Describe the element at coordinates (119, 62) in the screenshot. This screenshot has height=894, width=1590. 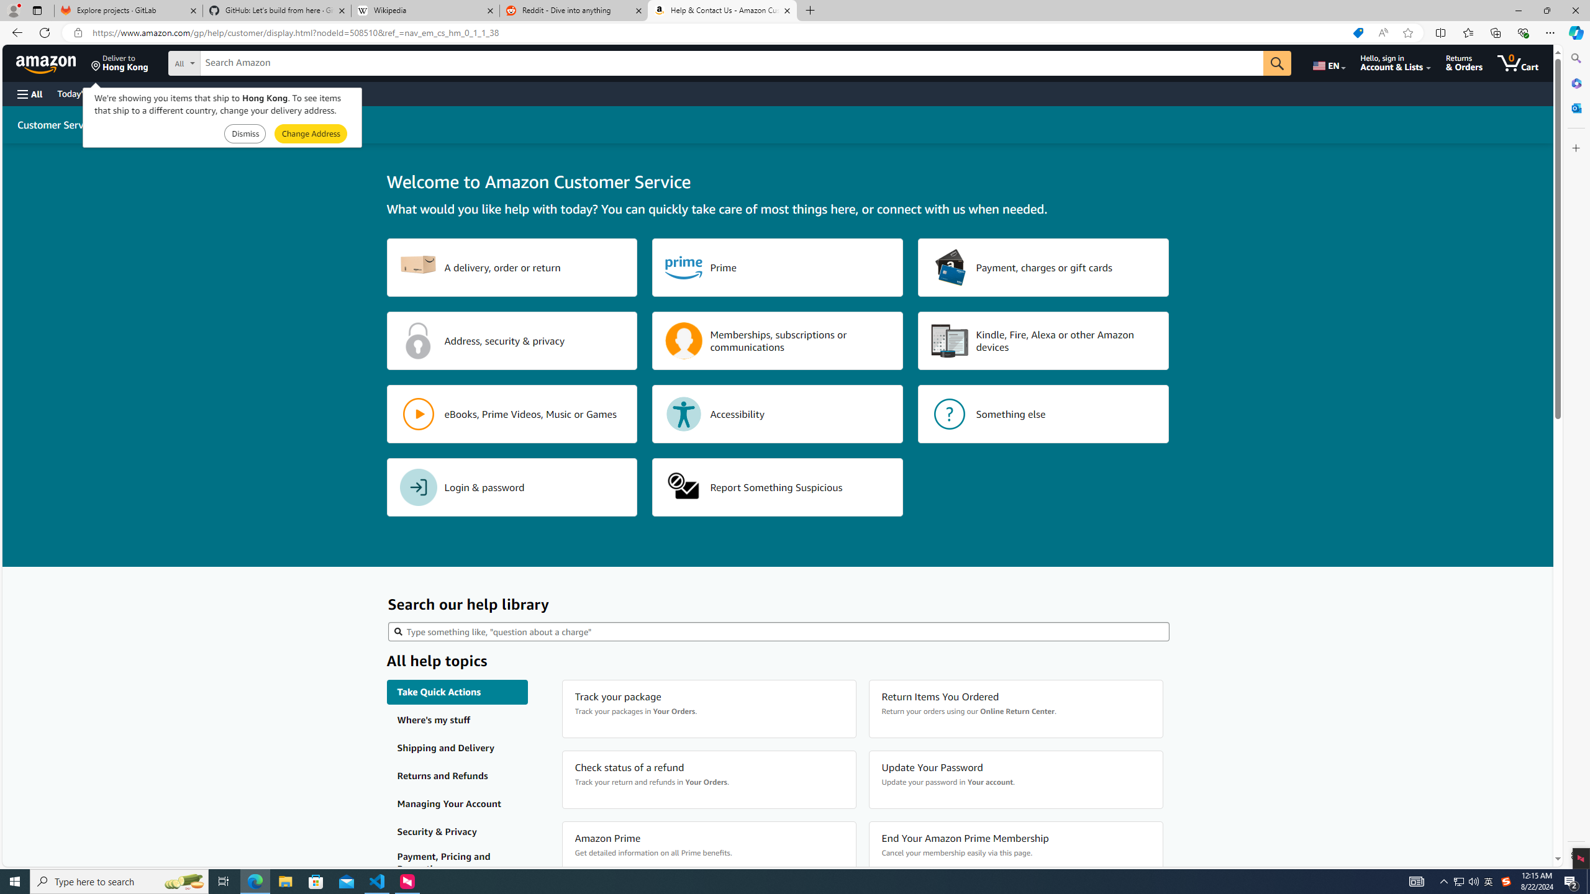
I see `'Deliver to Hong Kong'` at that location.